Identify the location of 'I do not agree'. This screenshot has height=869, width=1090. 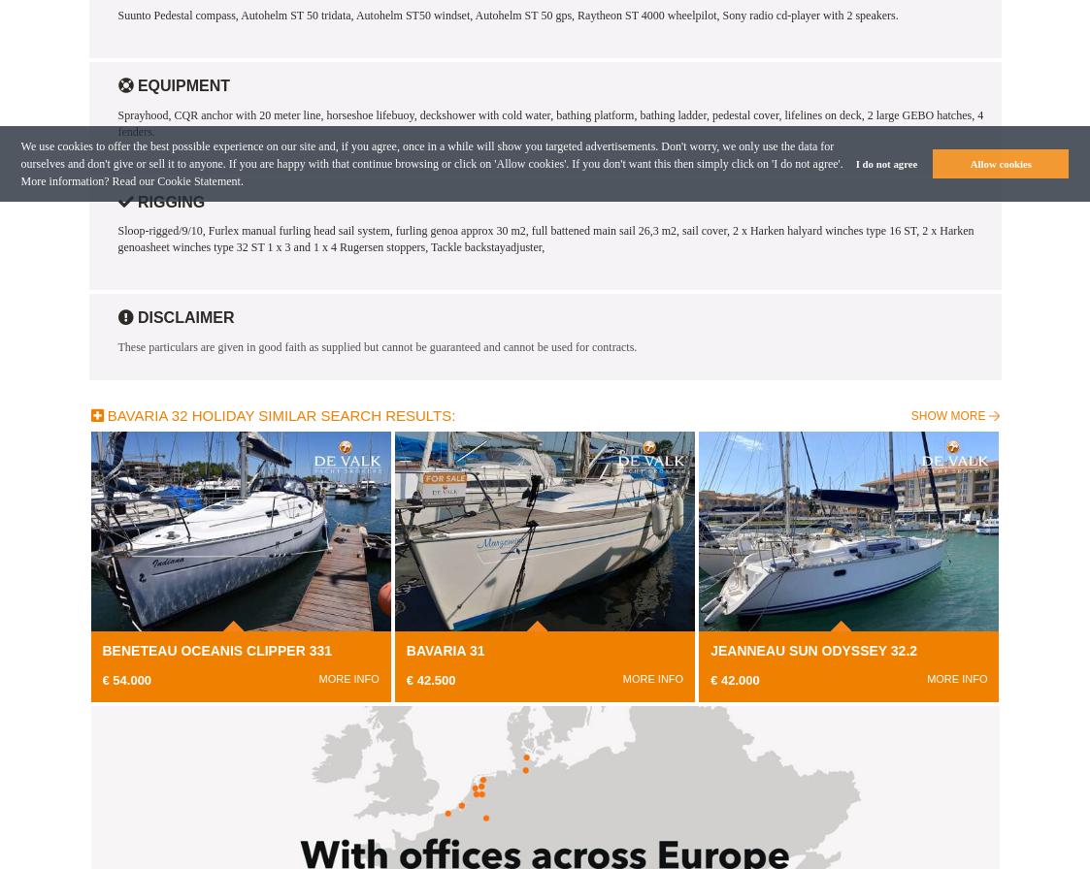
(884, 163).